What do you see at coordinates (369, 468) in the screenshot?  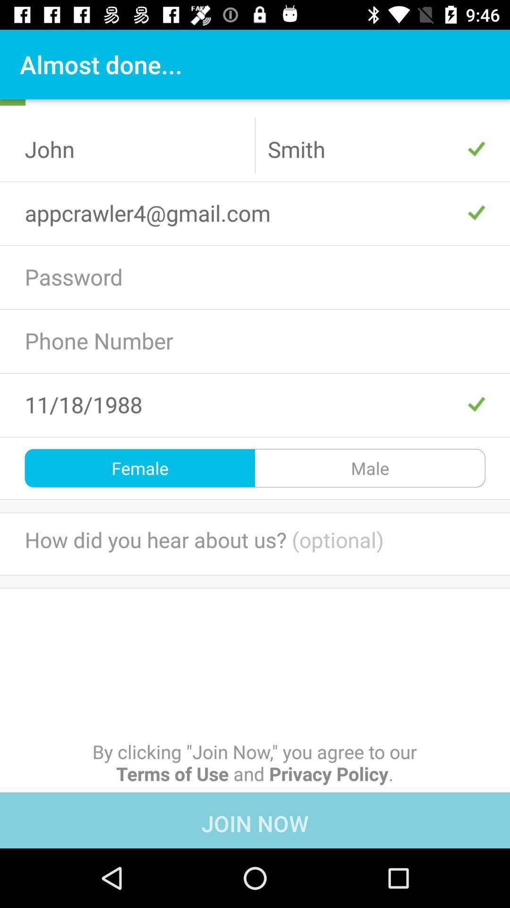 I see `male` at bounding box center [369, 468].